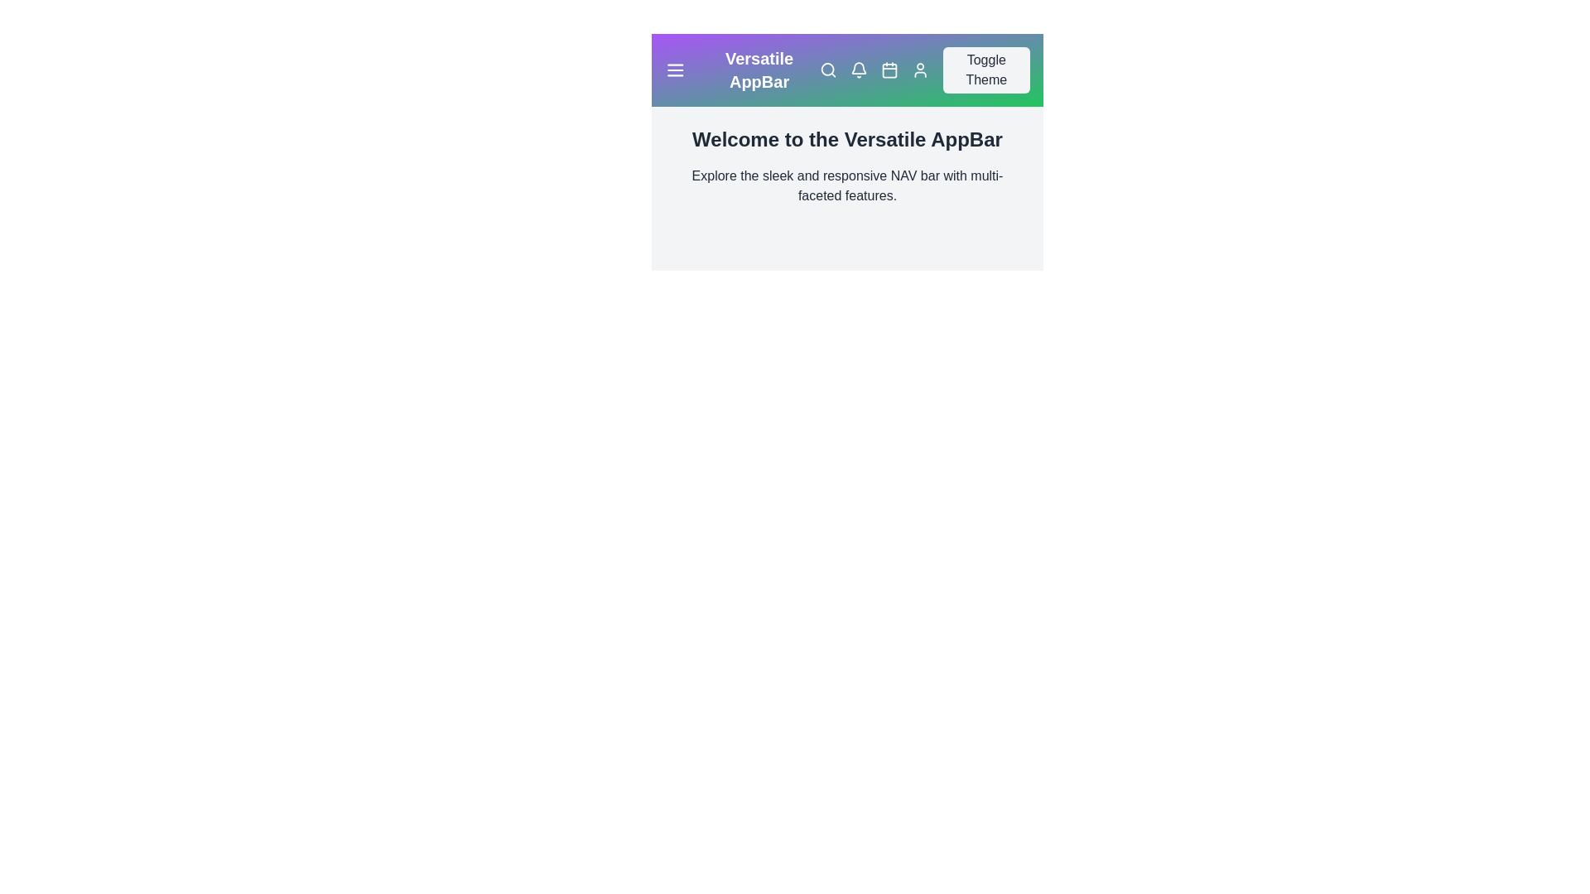 The image size is (1590, 894). I want to click on the user icon to access user options, so click(919, 69).